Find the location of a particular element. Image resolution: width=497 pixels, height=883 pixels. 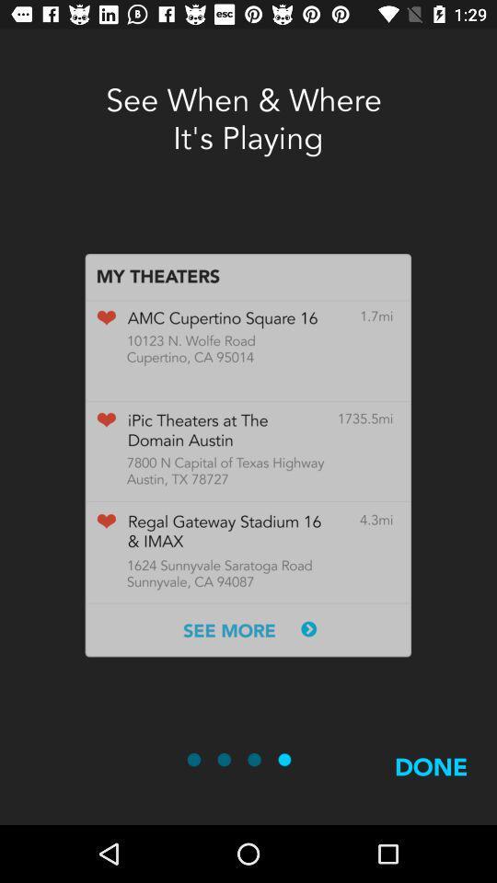

the done icon is located at coordinates (431, 787).